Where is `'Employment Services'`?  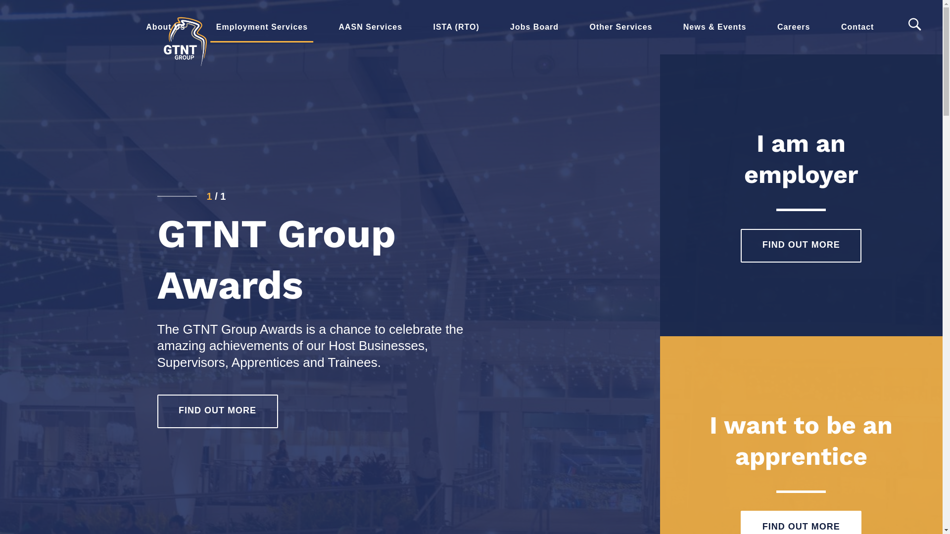
'Employment Services' is located at coordinates (262, 26).